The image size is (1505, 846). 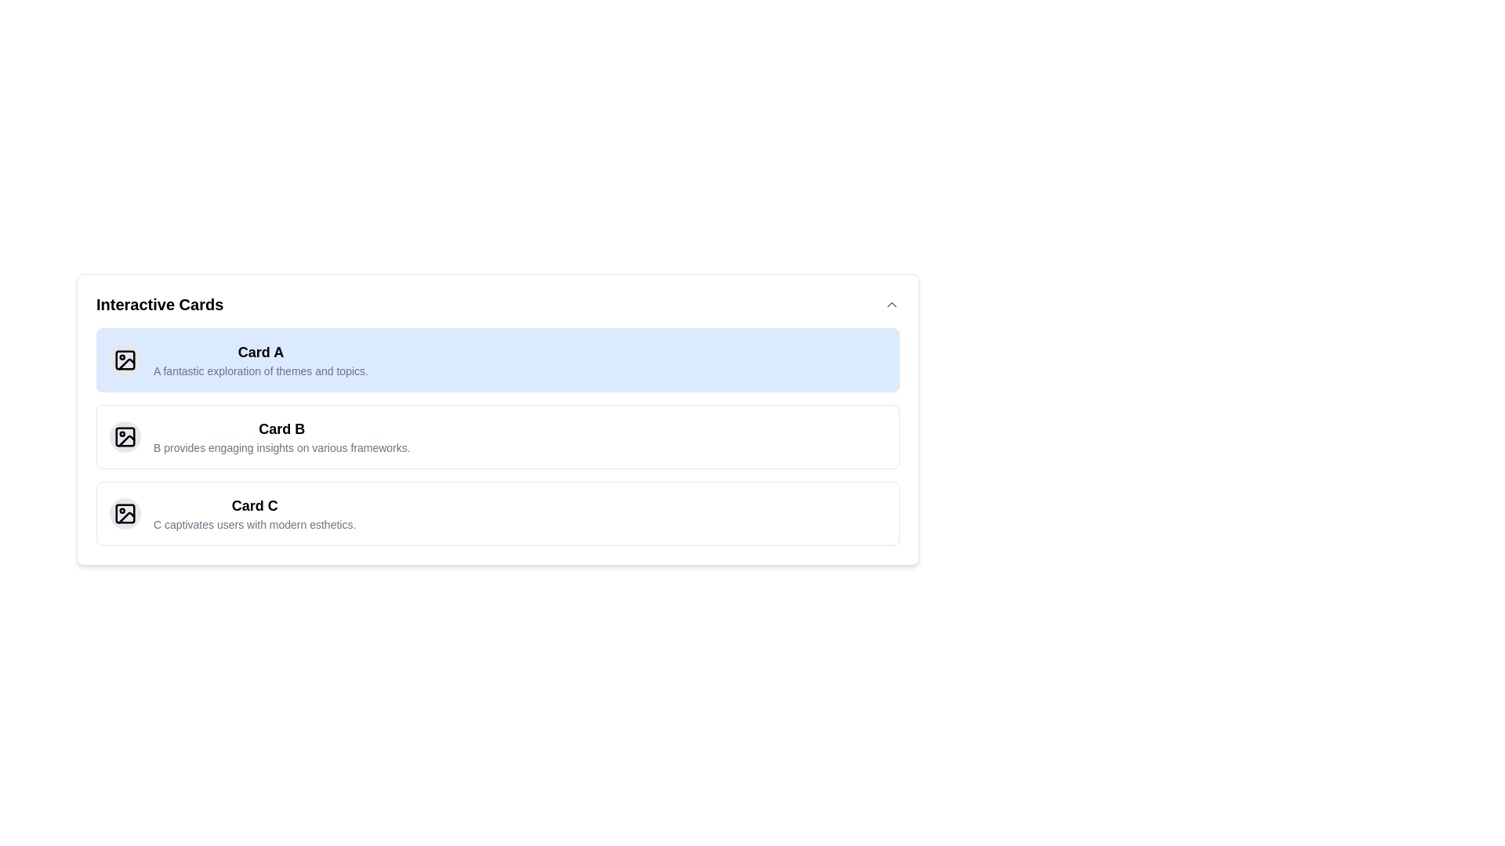 I want to click on the Label/Text Element that serves as the title for the 'Card A', positioned at the top-left corner of the card, for accessibility purposes, so click(x=260, y=352).